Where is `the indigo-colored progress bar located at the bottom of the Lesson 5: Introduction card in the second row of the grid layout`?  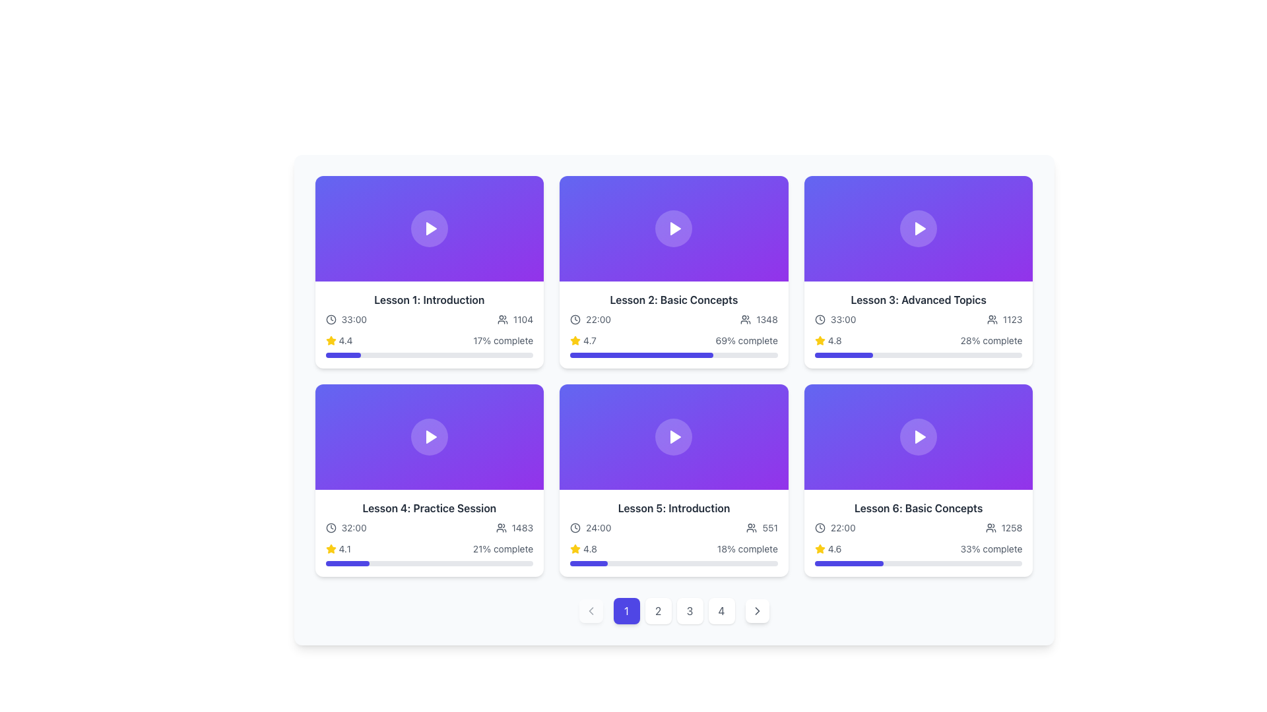
the indigo-colored progress bar located at the bottom of the Lesson 5: Introduction card in the second row of the grid layout is located at coordinates (674, 564).